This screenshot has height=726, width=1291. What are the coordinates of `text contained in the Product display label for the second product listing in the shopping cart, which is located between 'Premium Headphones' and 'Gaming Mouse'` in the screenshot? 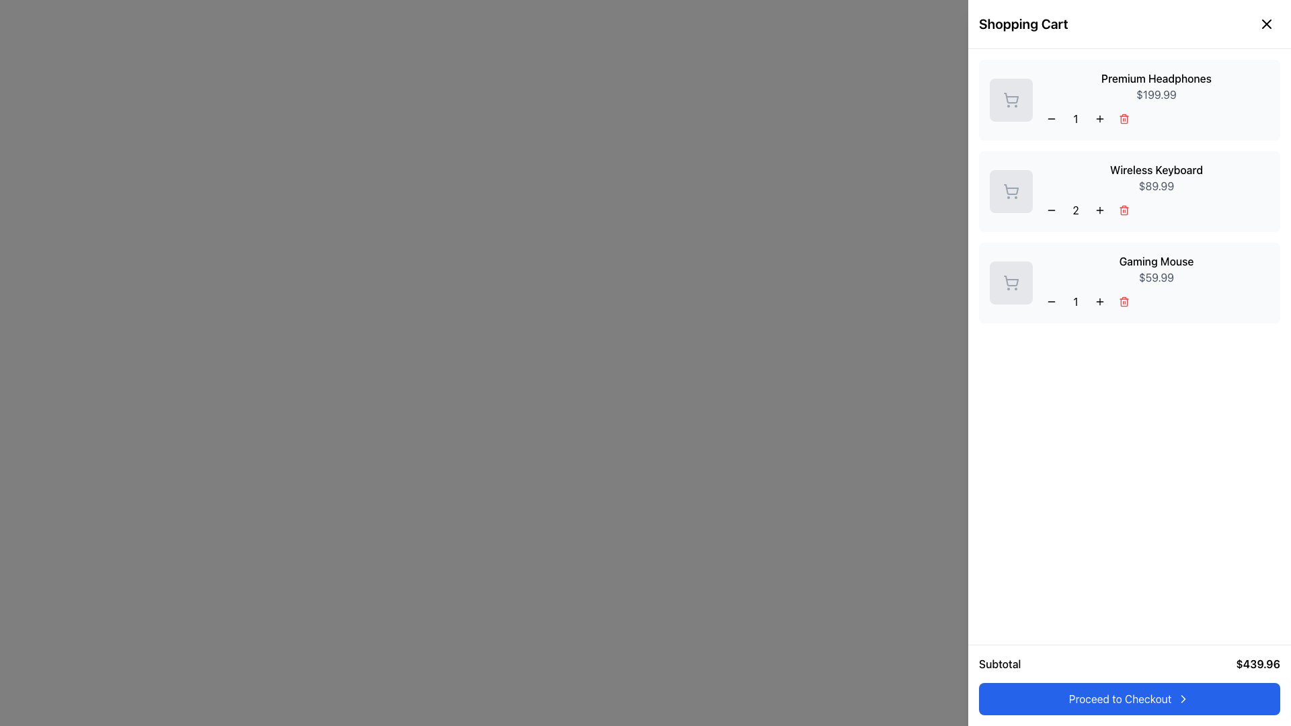 It's located at (1155, 192).